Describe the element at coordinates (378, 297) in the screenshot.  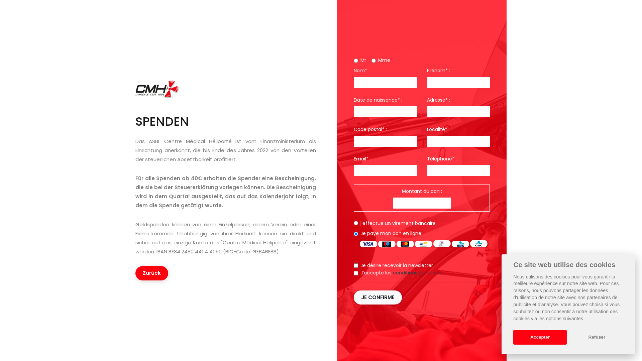
I see `'JE CONFIRME'` at that location.